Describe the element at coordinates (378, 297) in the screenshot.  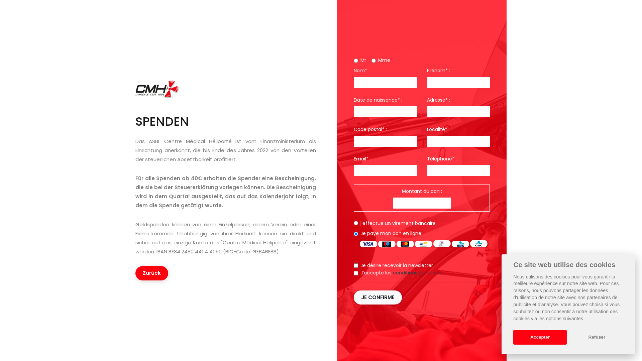
I see `'JE CONFIRME'` at that location.